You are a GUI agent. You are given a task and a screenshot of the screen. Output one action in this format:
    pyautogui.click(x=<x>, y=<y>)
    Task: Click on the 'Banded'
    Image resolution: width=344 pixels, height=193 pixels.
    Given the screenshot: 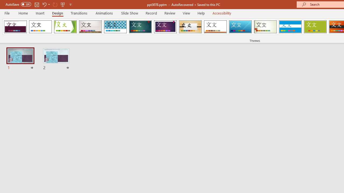 What is the action you would take?
    pyautogui.click(x=290, y=27)
    